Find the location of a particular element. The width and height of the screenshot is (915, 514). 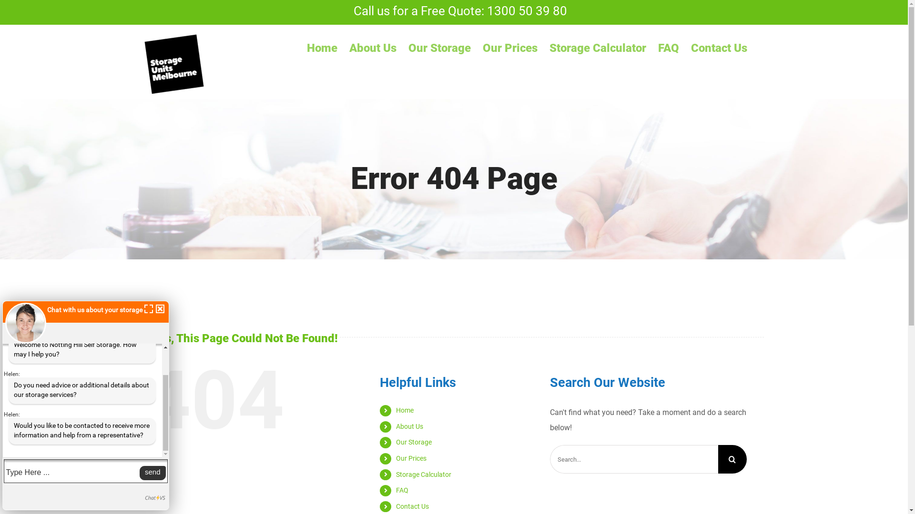

'chat bot window' is located at coordinates (86, 405).